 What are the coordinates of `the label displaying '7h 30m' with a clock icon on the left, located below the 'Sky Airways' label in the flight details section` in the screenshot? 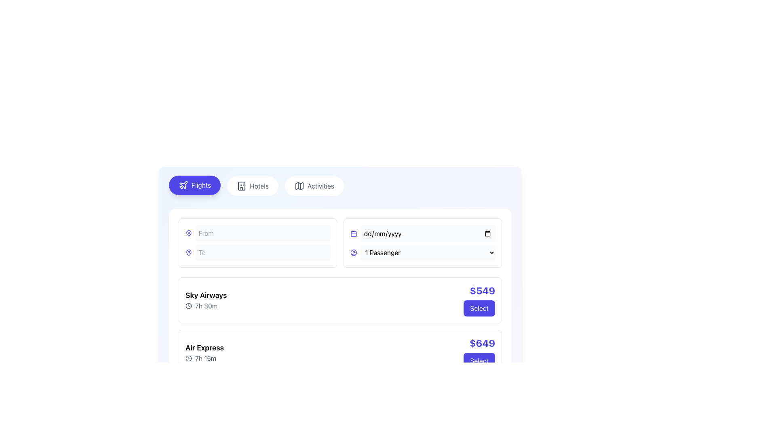 It's located at (206, 306).